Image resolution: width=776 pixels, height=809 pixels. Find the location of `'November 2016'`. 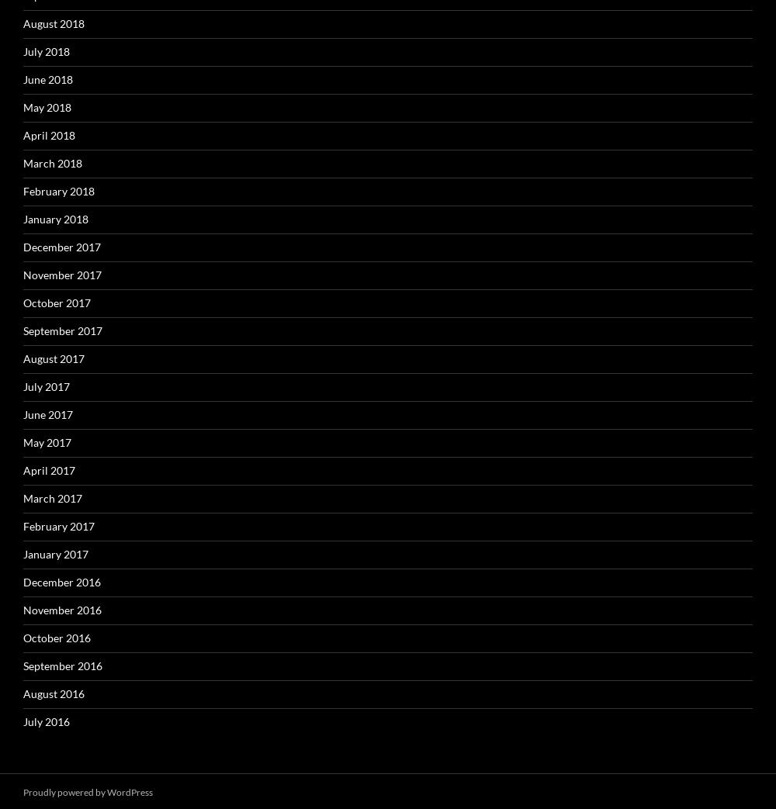

'November 2016' is located at coordinates (61, 609).